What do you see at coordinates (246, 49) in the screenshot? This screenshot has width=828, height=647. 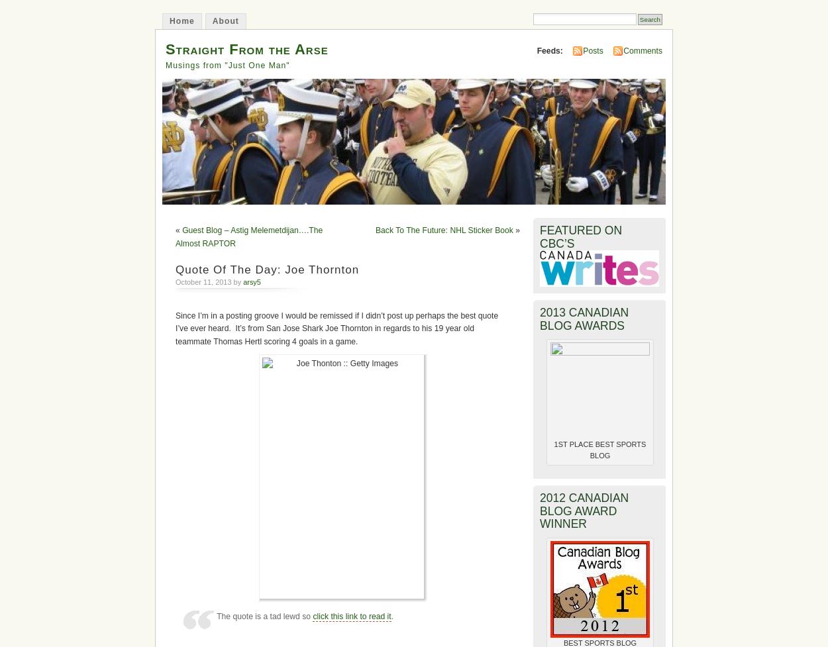 I see `'Straight From the Arse'` at bounding box center [246, 49].